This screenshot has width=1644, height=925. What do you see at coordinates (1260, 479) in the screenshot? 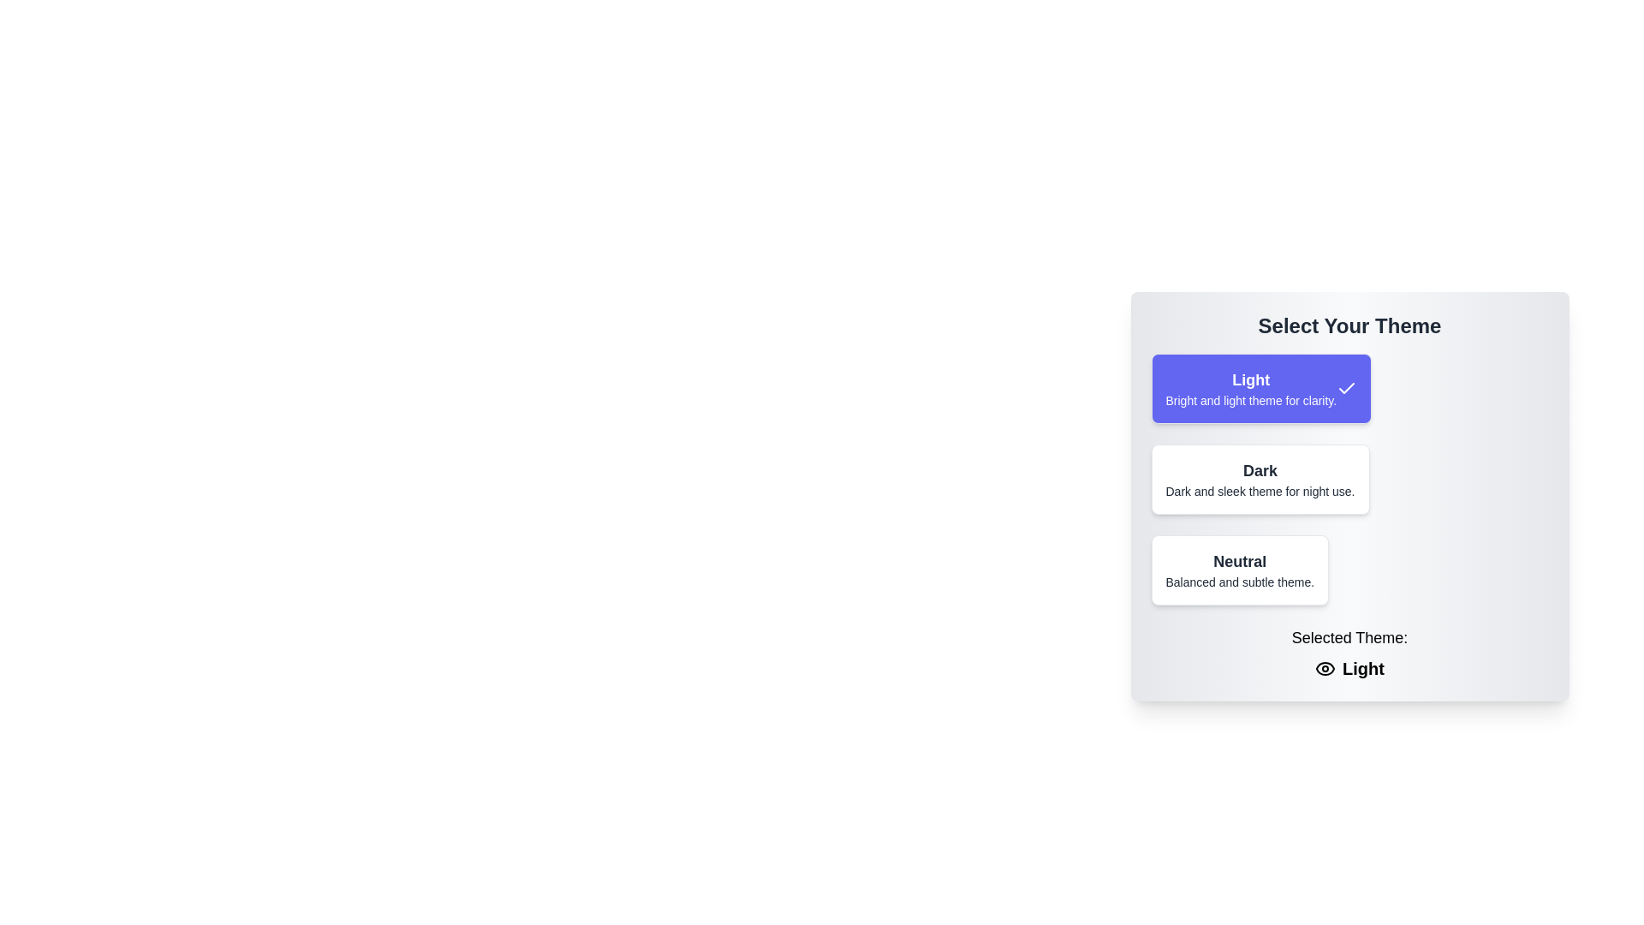
I see `the selectable card with a white background and bolded header 'Dark', positioned below the 'Light' theme card and above the 'Neutral' theme card in the theme selection list` at bounding box center [1260, 479].